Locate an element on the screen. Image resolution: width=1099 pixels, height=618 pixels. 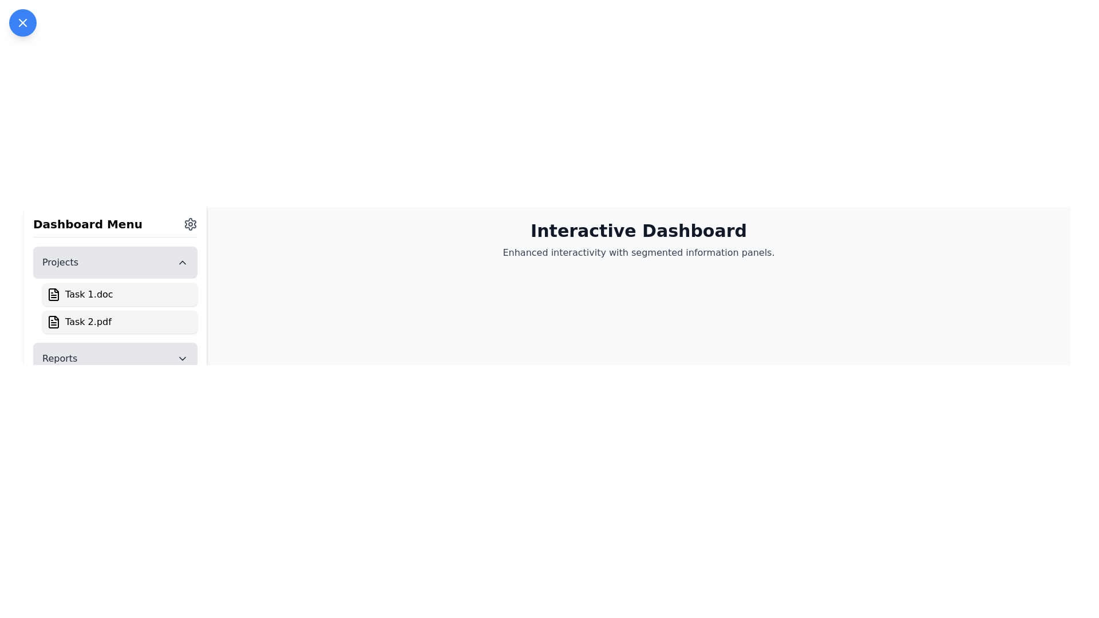
the file icon representing 'Task 1.doc', which is a small, minimalist outline design icon located to the left of the text label is located at coordinates (53, 294).